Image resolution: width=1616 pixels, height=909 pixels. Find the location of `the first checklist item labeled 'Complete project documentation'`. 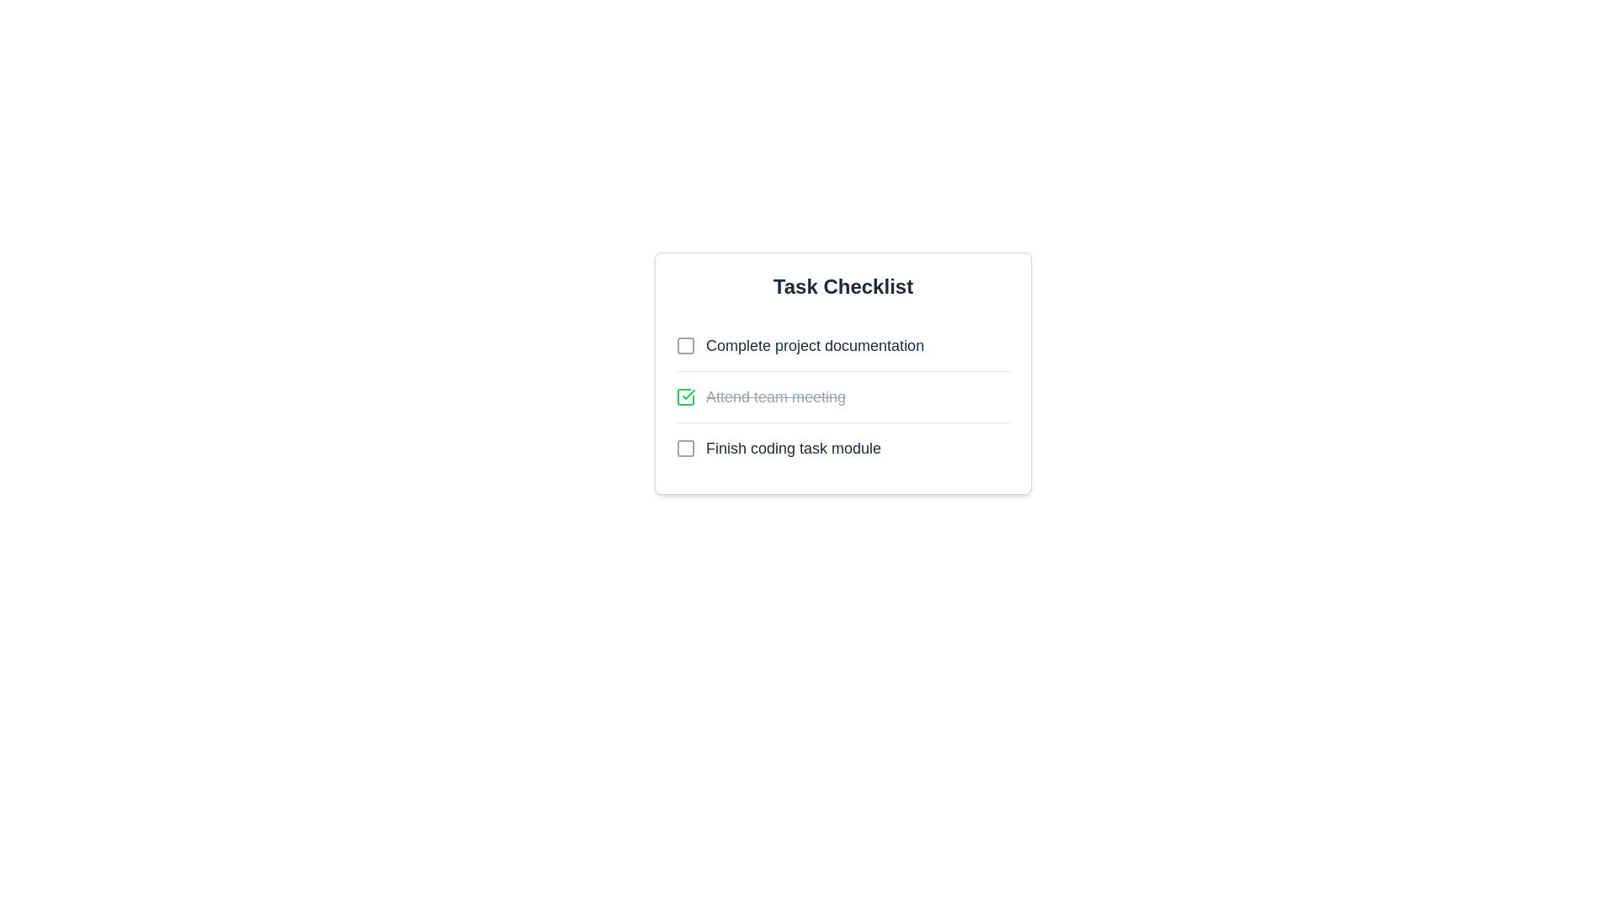

the first checklist item labeled 'Complete project documentation' is located at coordinates (799, 345).